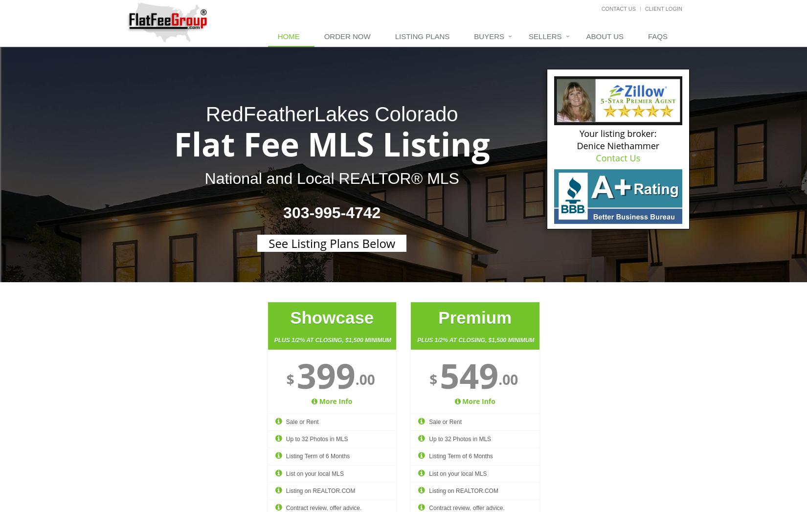 This screenshot has width=807, height=512. What do you see at coordinates (617, 145) in the screenshot?
I see `'Denice Niethammer'` at bounding box center [617, 145].